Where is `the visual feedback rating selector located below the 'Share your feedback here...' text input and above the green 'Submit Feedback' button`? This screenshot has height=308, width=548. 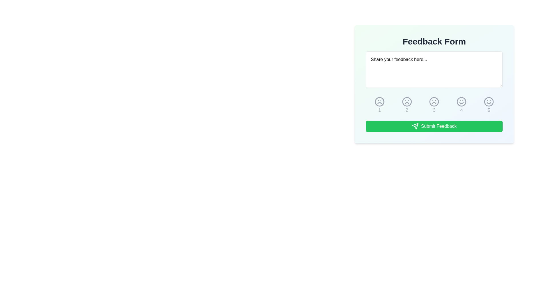 the visual feedback rating selector located below the 'Share your feedback here...' text input and above the green 'Submit Feedback' button is located at coordinates (434, 105).